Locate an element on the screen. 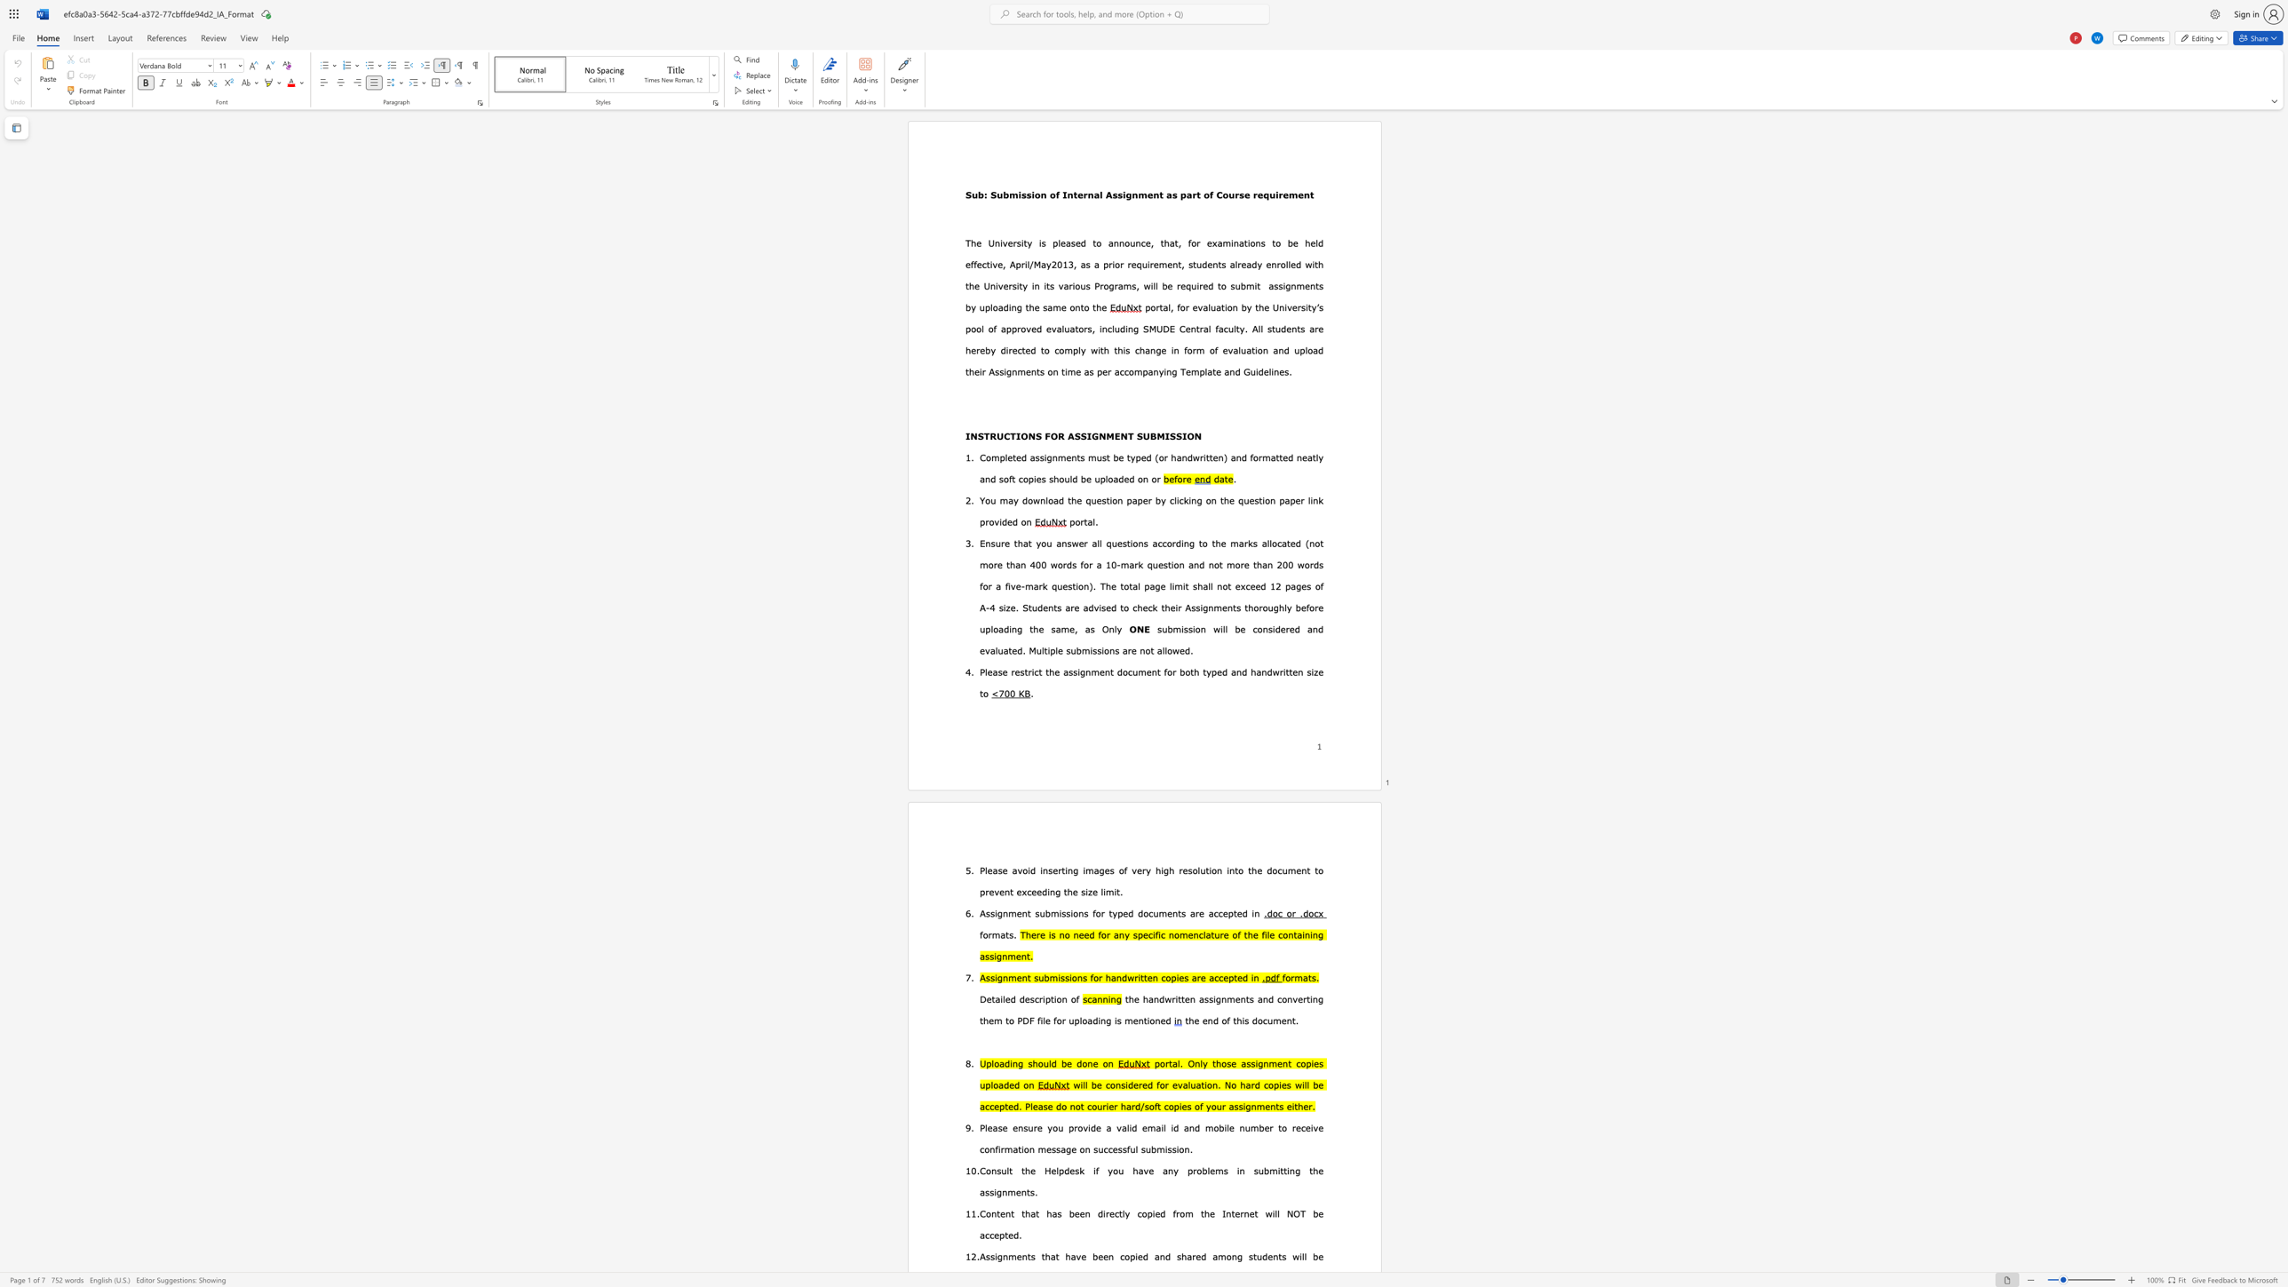  the subset text "plo" within the text "portal. Only those assignment copies uploaded on" is located at coordinates (984, 1085).